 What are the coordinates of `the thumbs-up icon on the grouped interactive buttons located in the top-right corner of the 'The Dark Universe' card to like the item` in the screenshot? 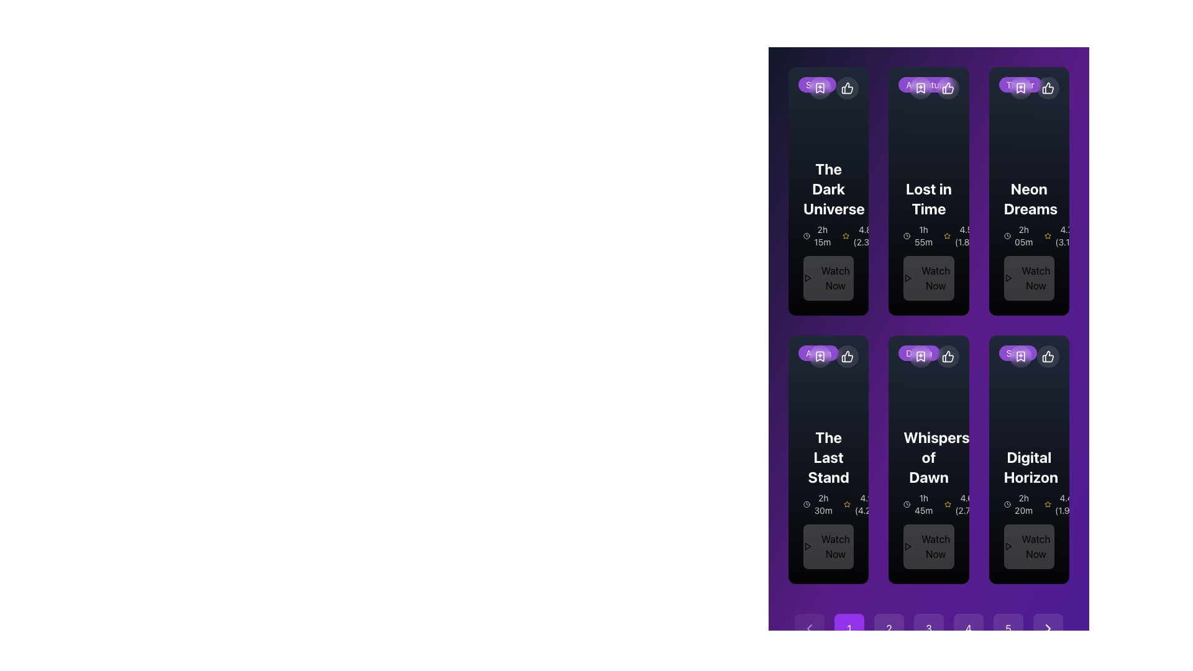 It's located at (834, 88).